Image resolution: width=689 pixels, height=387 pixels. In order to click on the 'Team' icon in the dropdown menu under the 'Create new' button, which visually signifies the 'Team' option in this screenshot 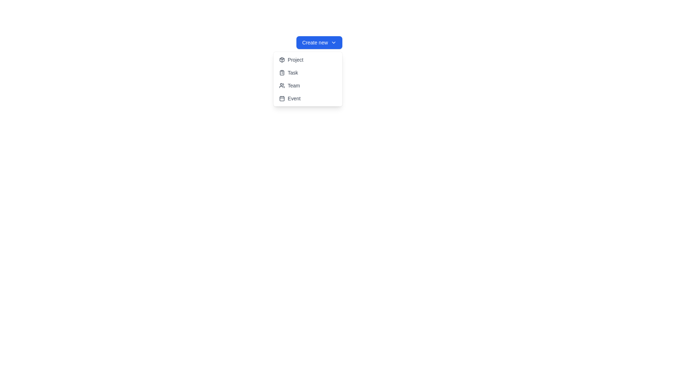, I will do `click(281, 85)`.